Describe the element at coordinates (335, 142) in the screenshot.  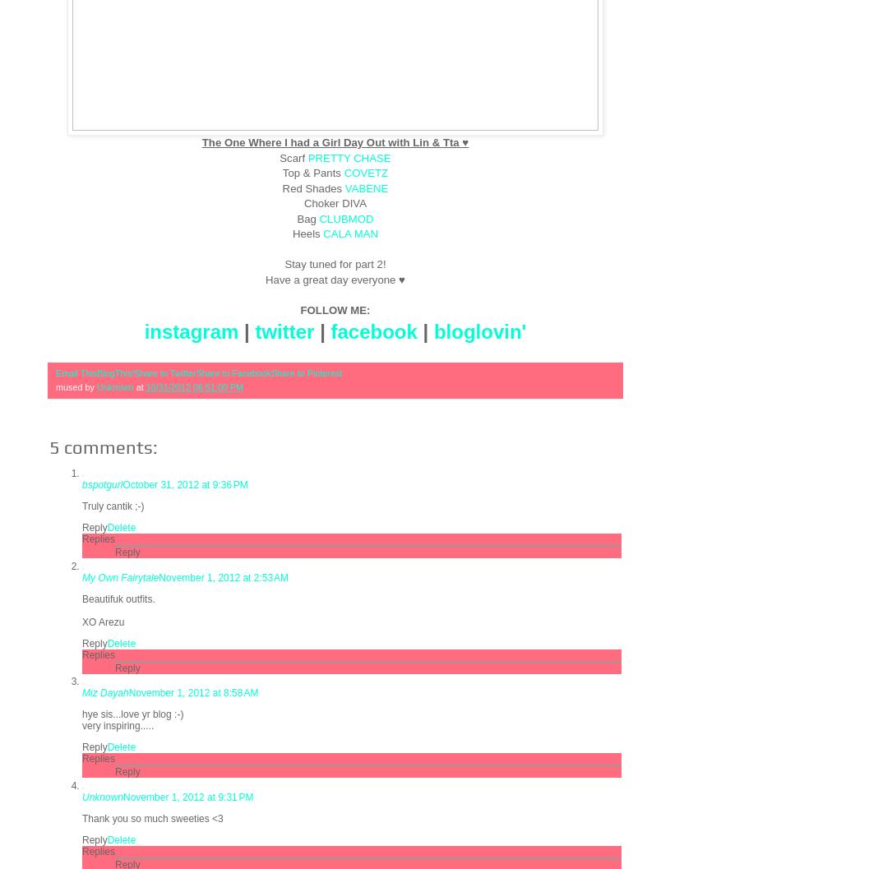
I see `'The One Where I had a Girl Day Out with Lin & Tta ♥'` at that location.